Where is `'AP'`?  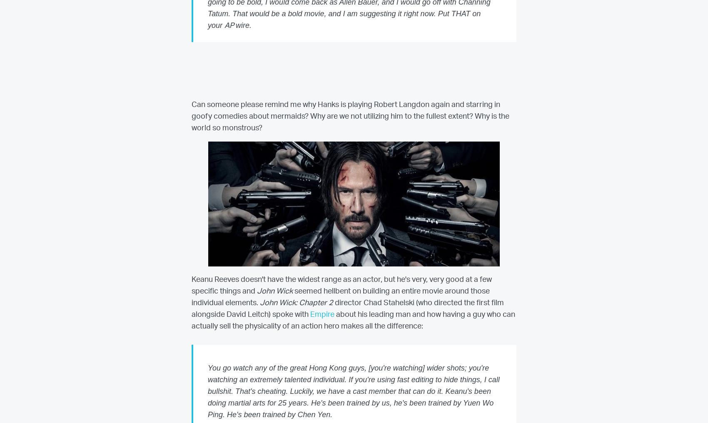 'AP' is located at coordinates (224, 25).